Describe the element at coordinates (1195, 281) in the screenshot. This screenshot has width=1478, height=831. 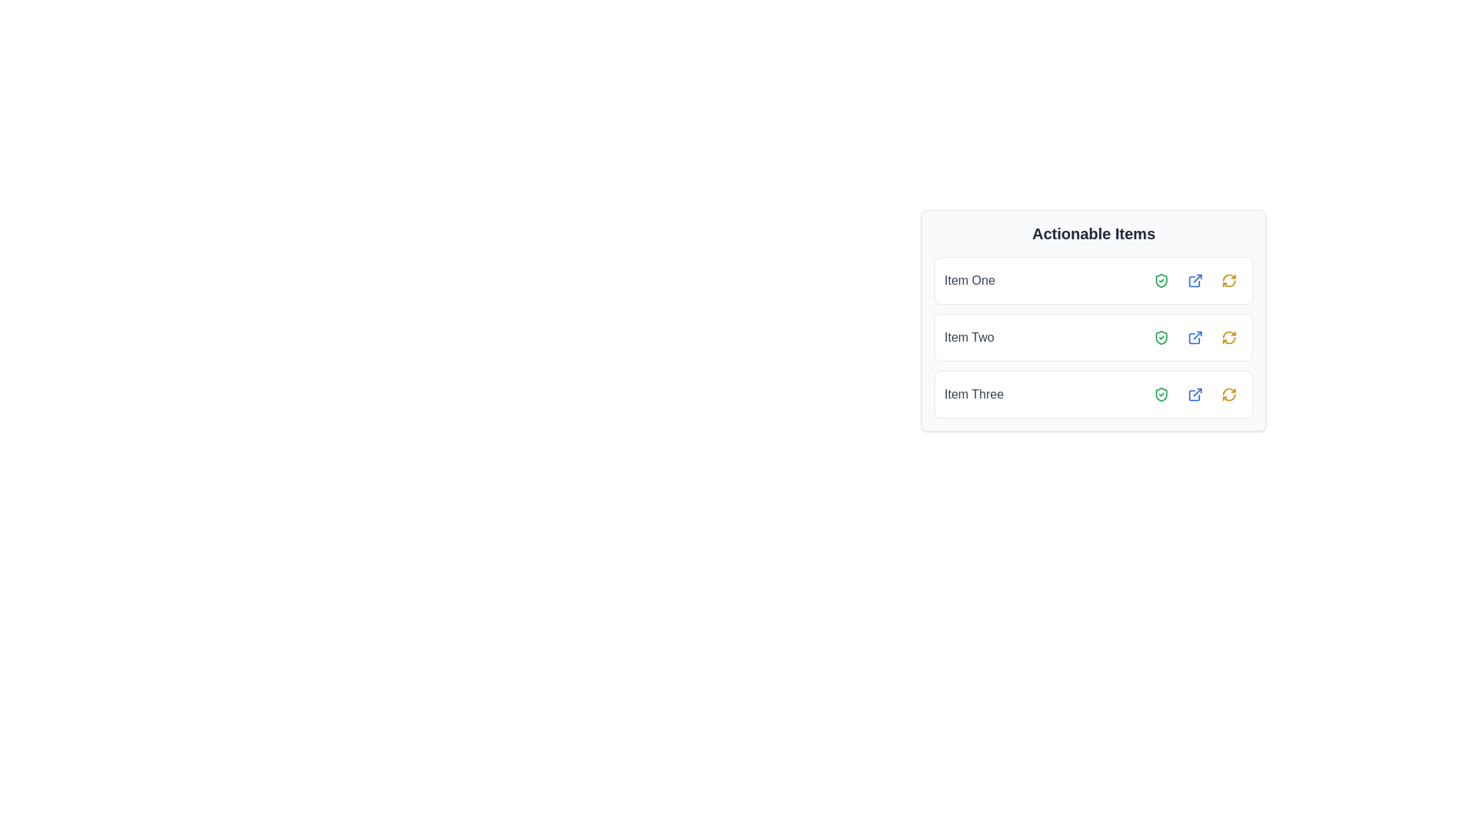
I see `the external link icon located in the middle position of the three icons in the 'Item One' row of the 'Actionable Items' section` at that location.